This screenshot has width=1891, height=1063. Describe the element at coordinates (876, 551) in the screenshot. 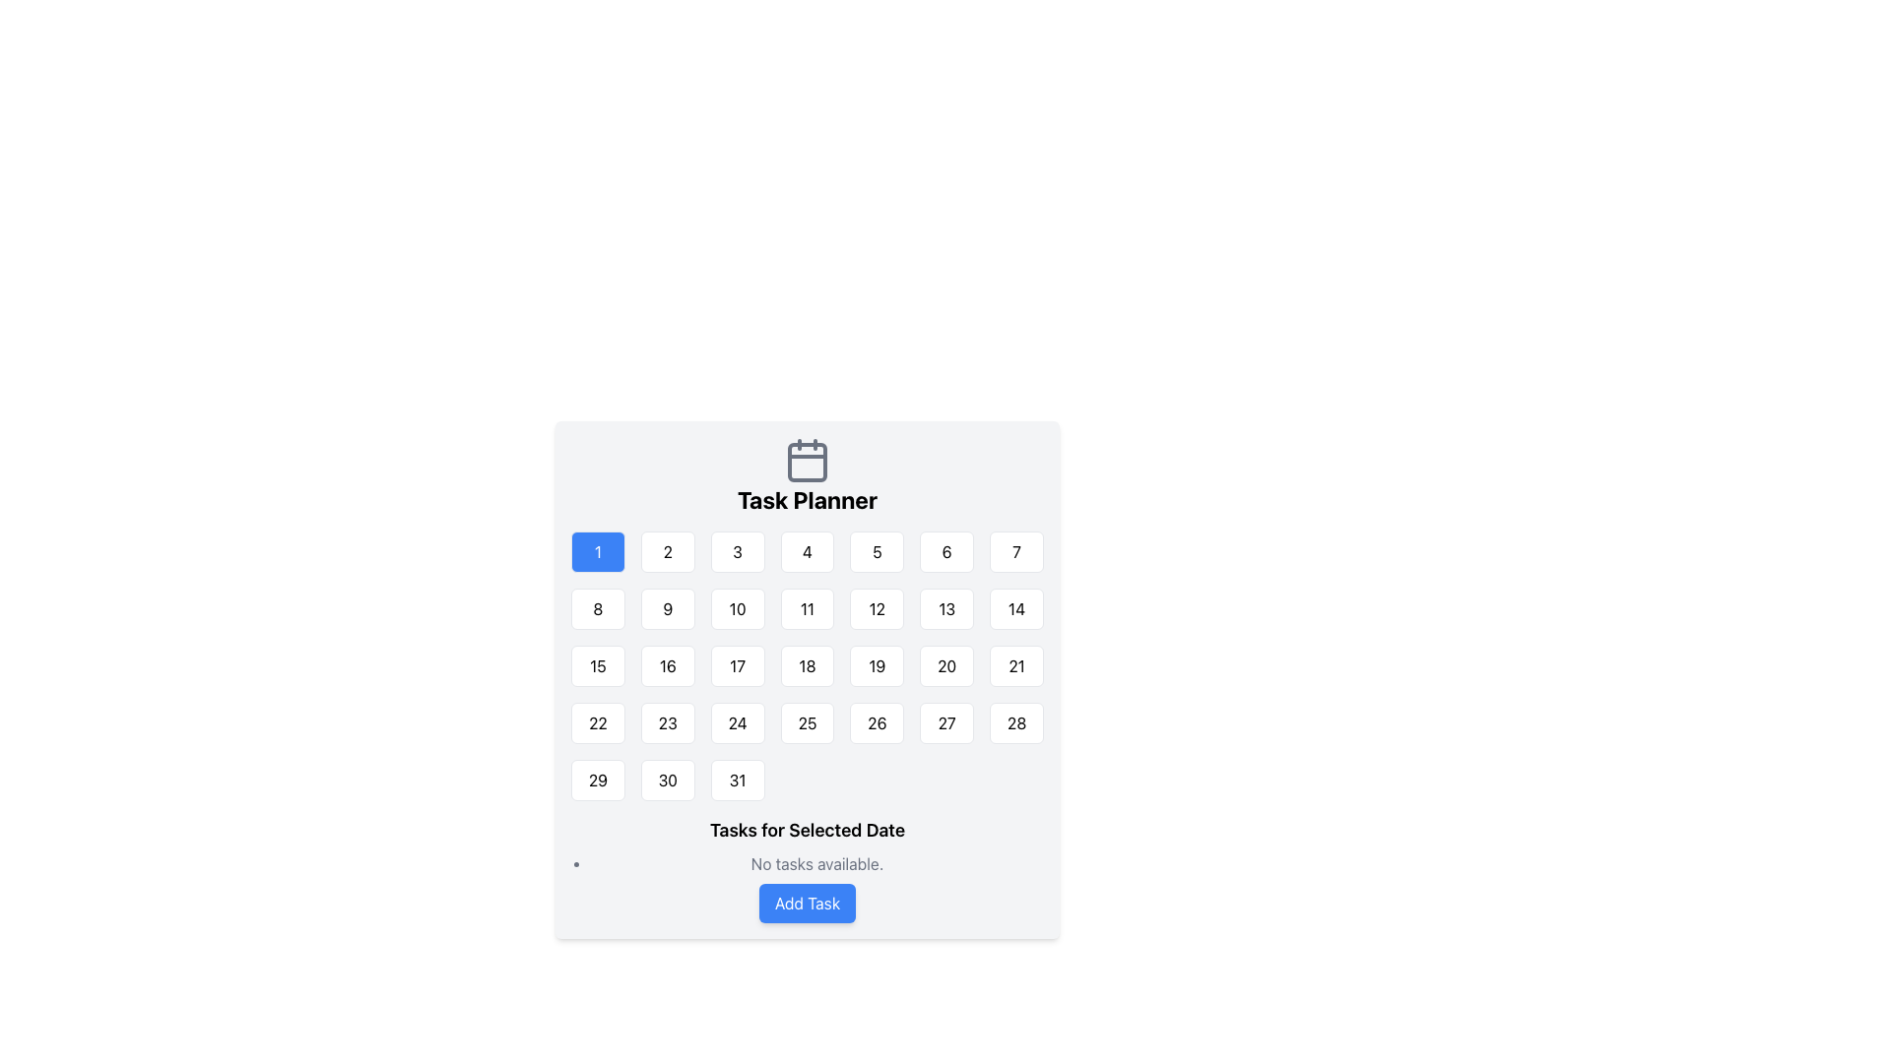

I see `the rectangular button labeled '5' with a white background and black font, located in the first row of a 7-column grid under the 'Task Planner' title` at that location.